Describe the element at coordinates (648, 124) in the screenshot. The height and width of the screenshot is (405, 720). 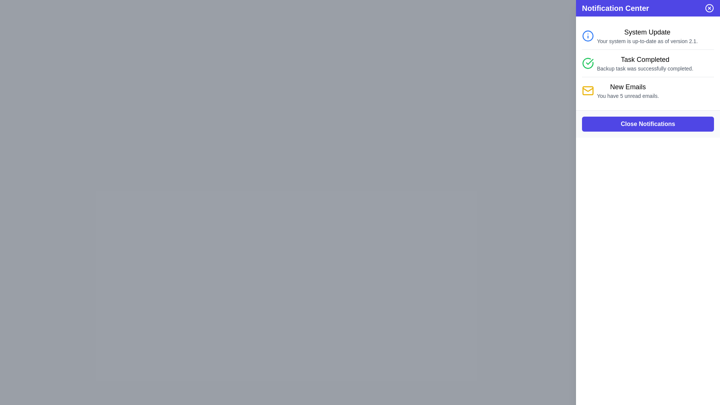
I see `the 'Close Notifications' button, which is the only interactive element in the notification panel` at that location.